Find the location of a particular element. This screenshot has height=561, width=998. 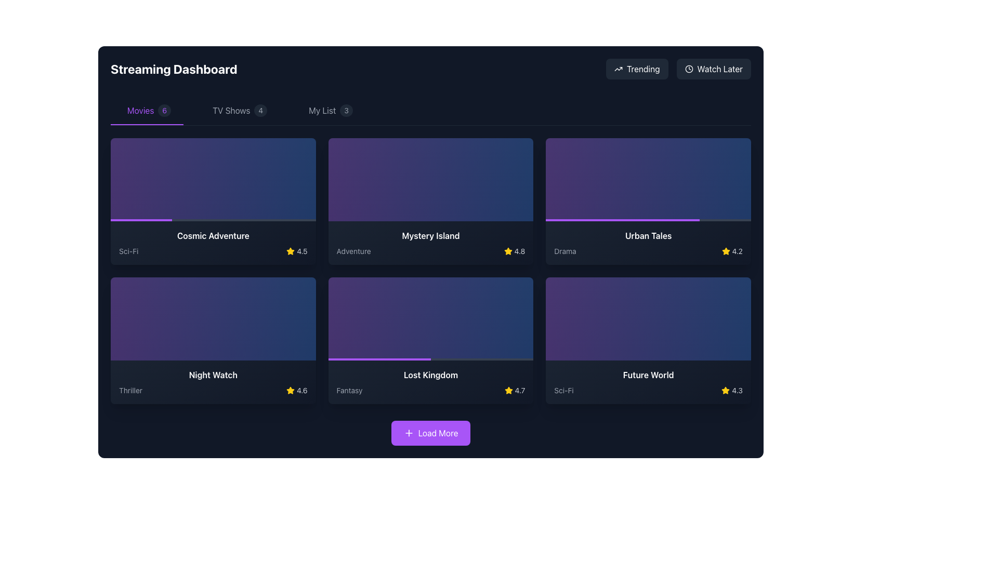

the Information panel of the 'Lost Kingdom' movie tile, which displays the title in bold white font, genre in gray, and a yellow star rating of '4.7' is located at coordinates (431, 382).